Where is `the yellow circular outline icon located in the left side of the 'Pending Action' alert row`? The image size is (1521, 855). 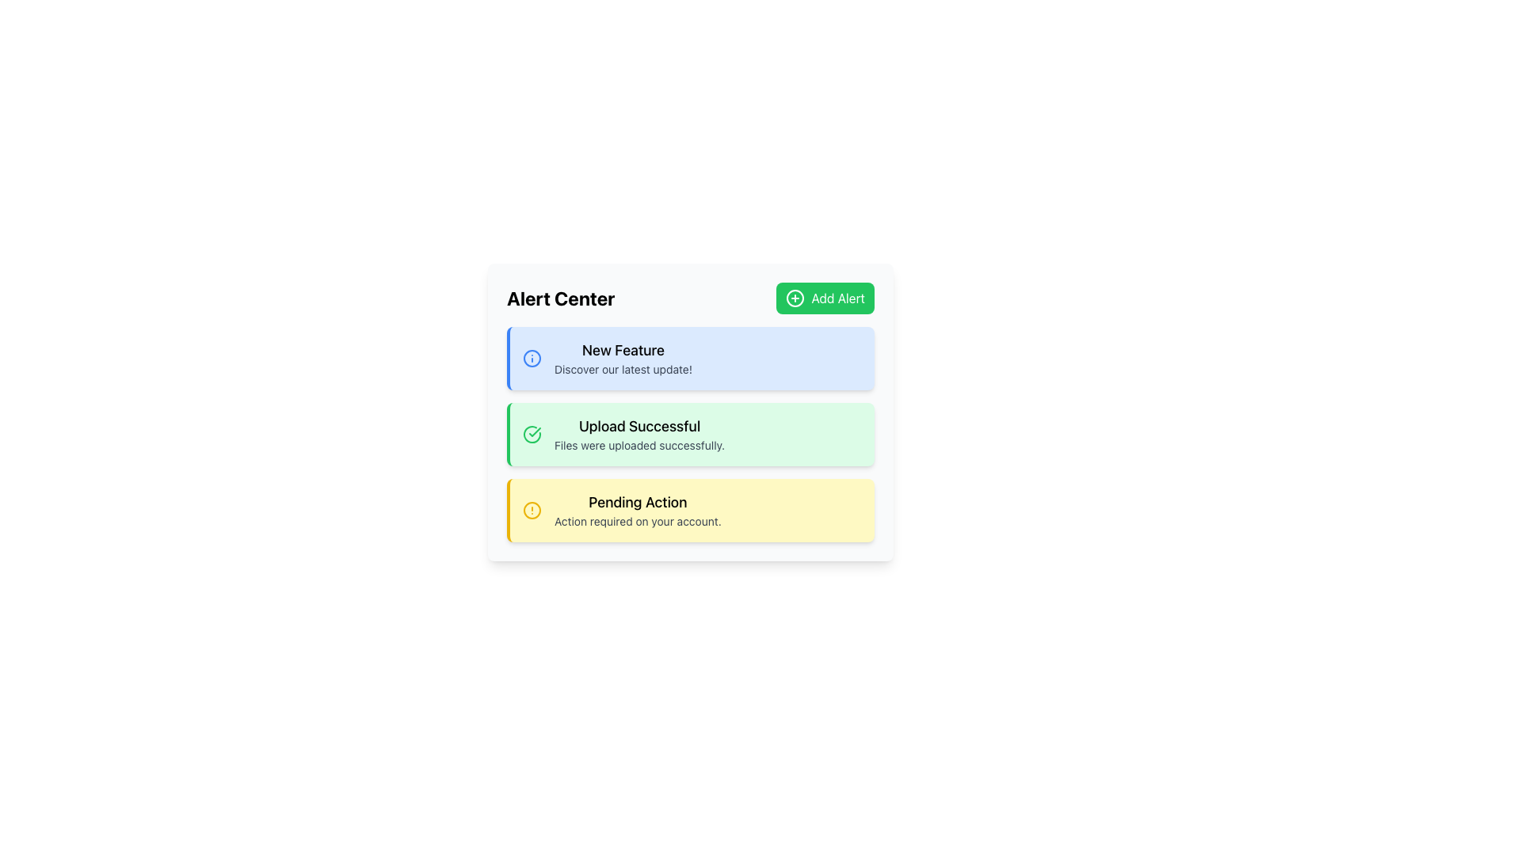 the yellow circular outline icon located in the left side of the 'Pending Action' alert row is located at coordinates (532, 510).